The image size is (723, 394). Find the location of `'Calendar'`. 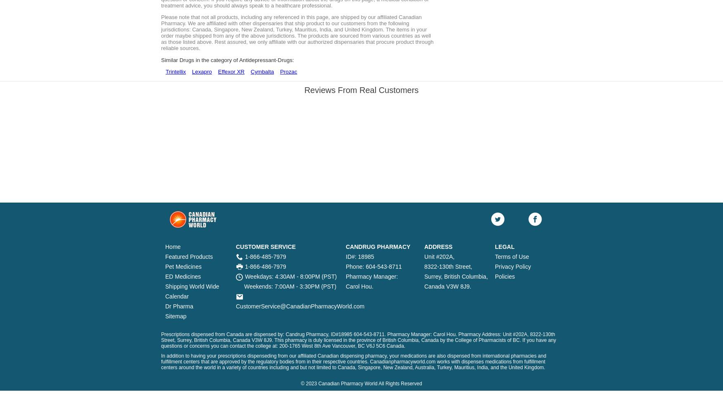

'Calendar' is located at coordinates (176, 296).